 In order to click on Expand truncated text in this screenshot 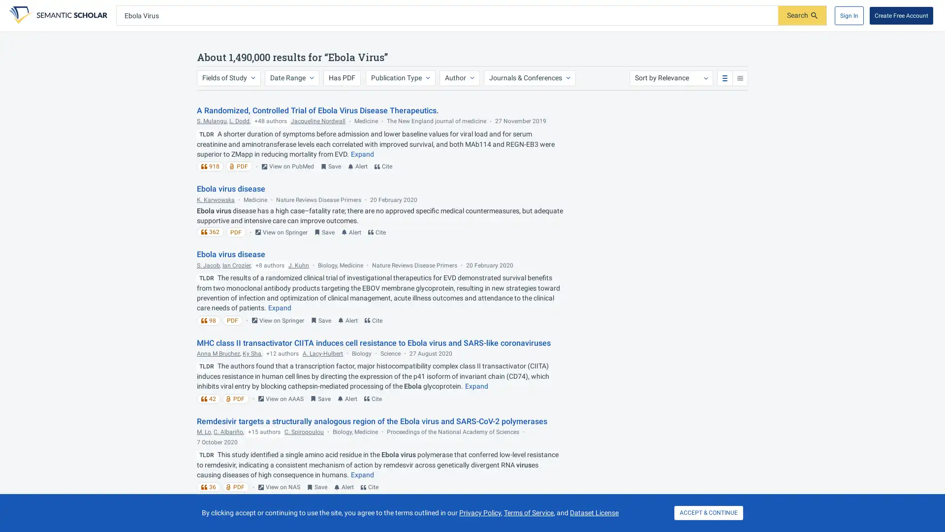, I will do `click(362, 474)`.